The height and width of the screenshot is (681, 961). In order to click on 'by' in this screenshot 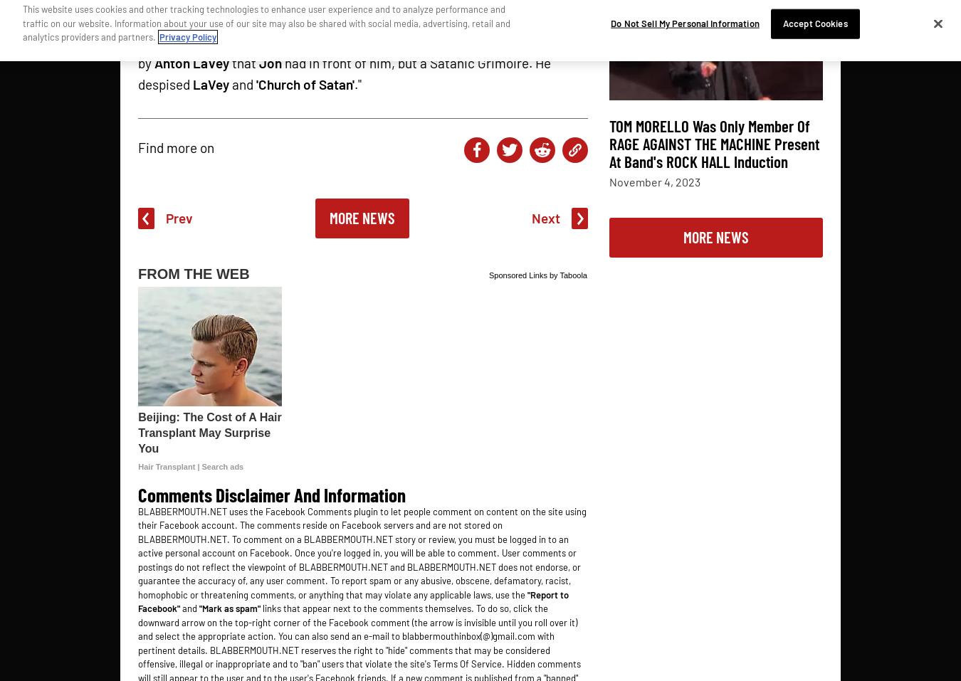, I will do `click(146, 61)`.